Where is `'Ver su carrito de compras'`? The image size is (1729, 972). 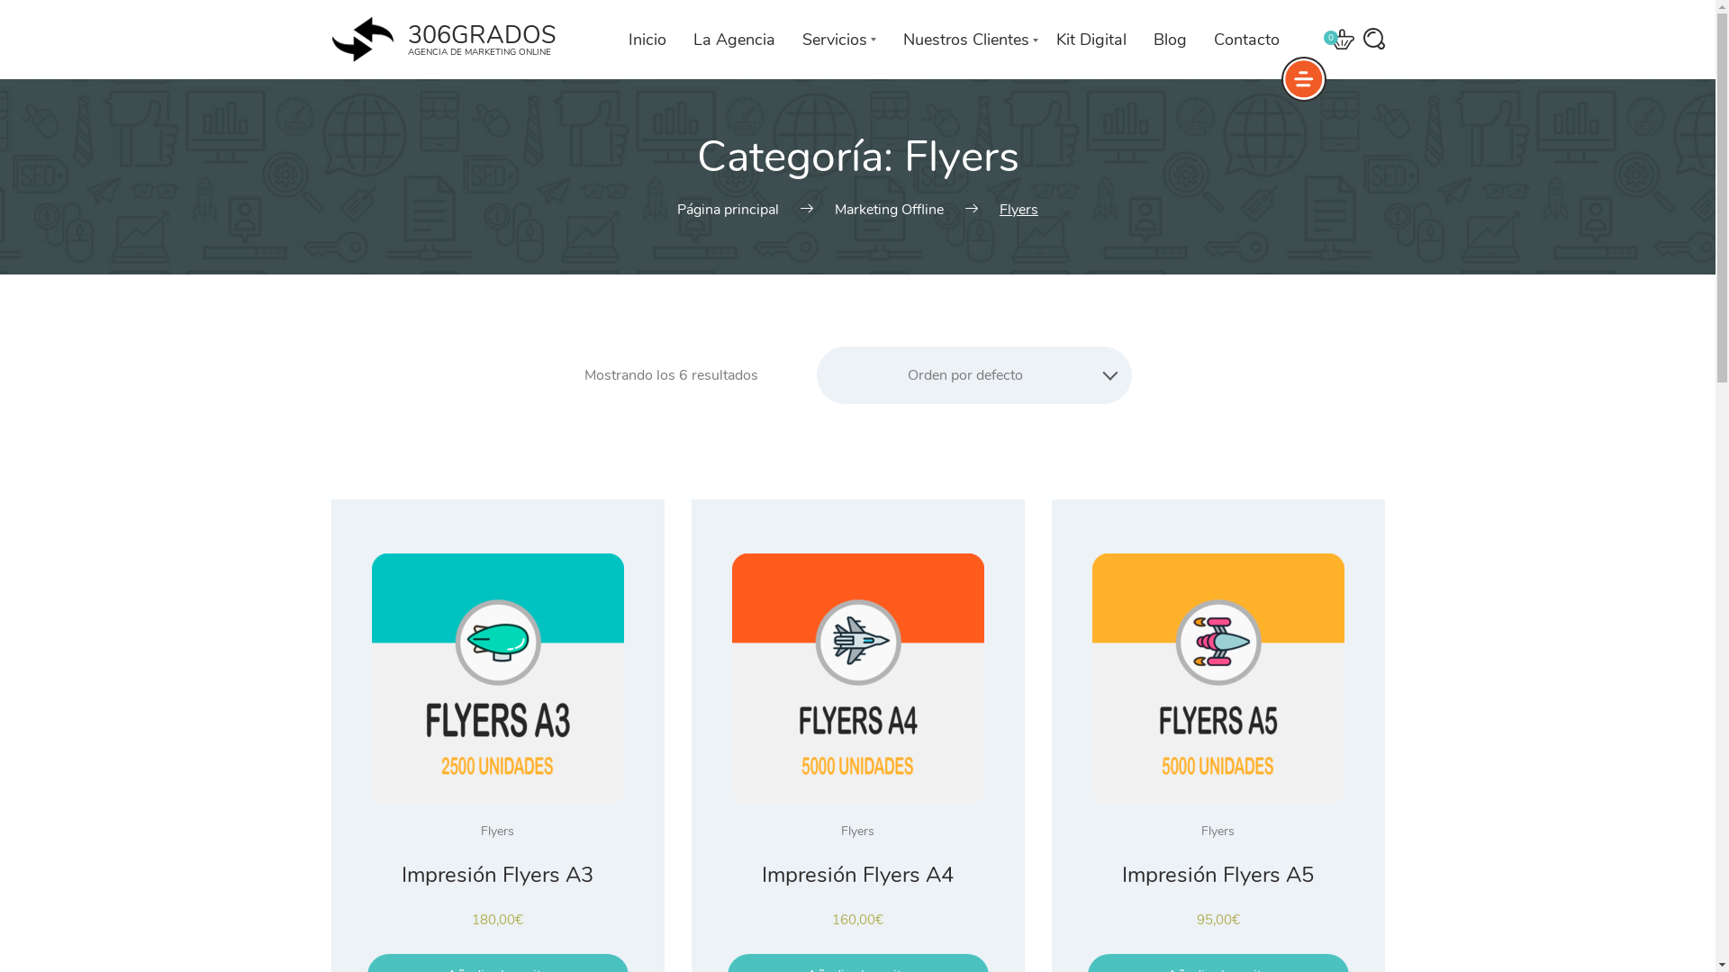 'Ver su carrito de compras' is located at coordinates (1341, 40).